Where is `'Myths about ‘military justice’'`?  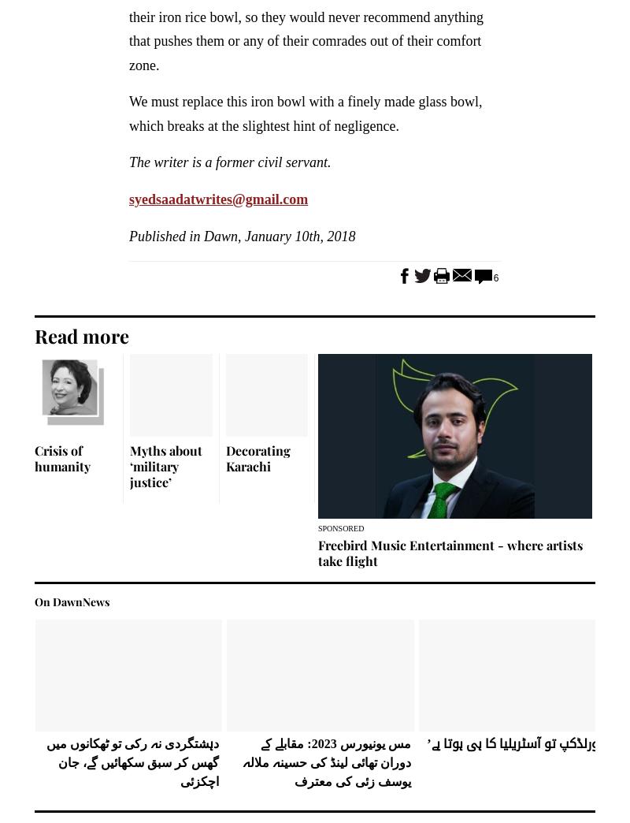
'Myths about ‘military justice’' is located at coordinates (165, 465).